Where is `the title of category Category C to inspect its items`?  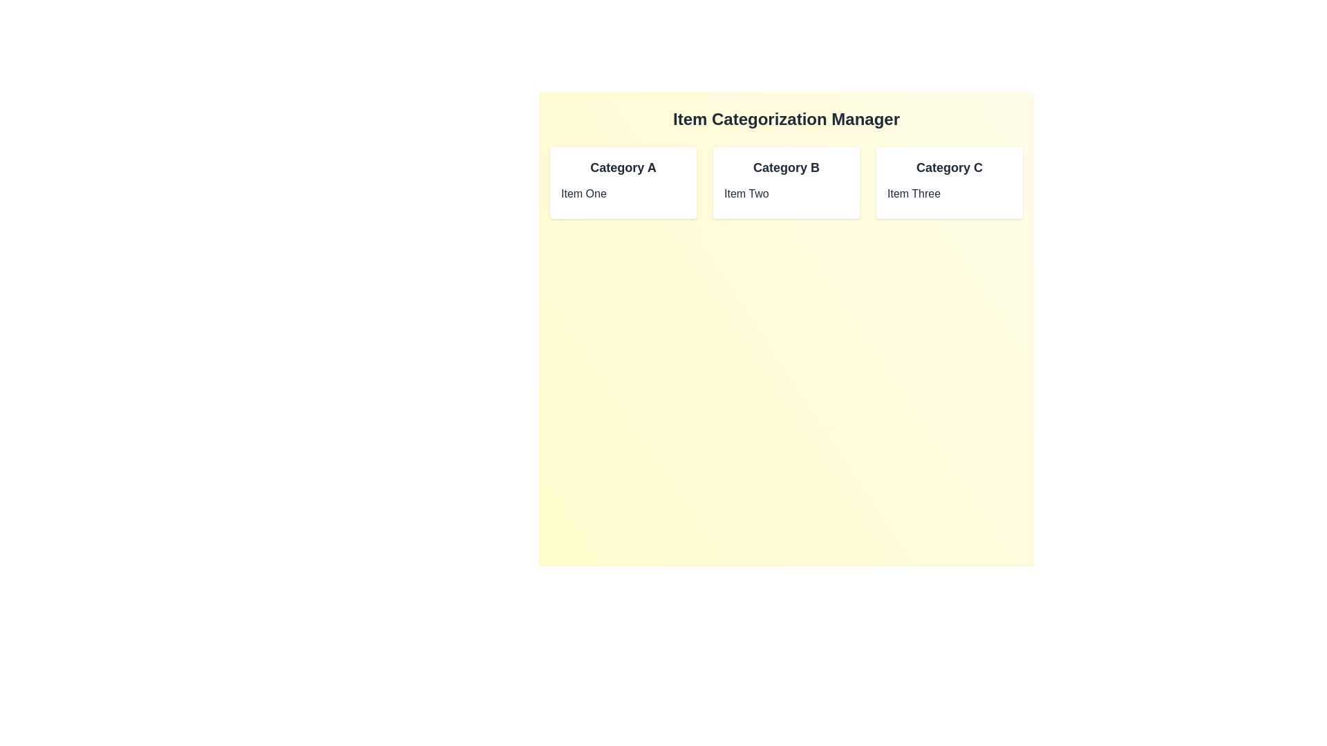 the title of category Category C to inspect its items is located at coordinates (948, 167).